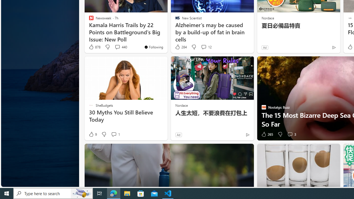 The image size is (354, 199). What do you see at coordinates (115, 134) in the screenshot?
I see `'View comments 1 Comment'` at bounding box center [115, 134].